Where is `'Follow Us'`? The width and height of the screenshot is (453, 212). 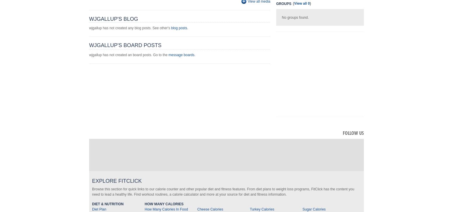 'Follow Us' is located at coordinates (353, 133).